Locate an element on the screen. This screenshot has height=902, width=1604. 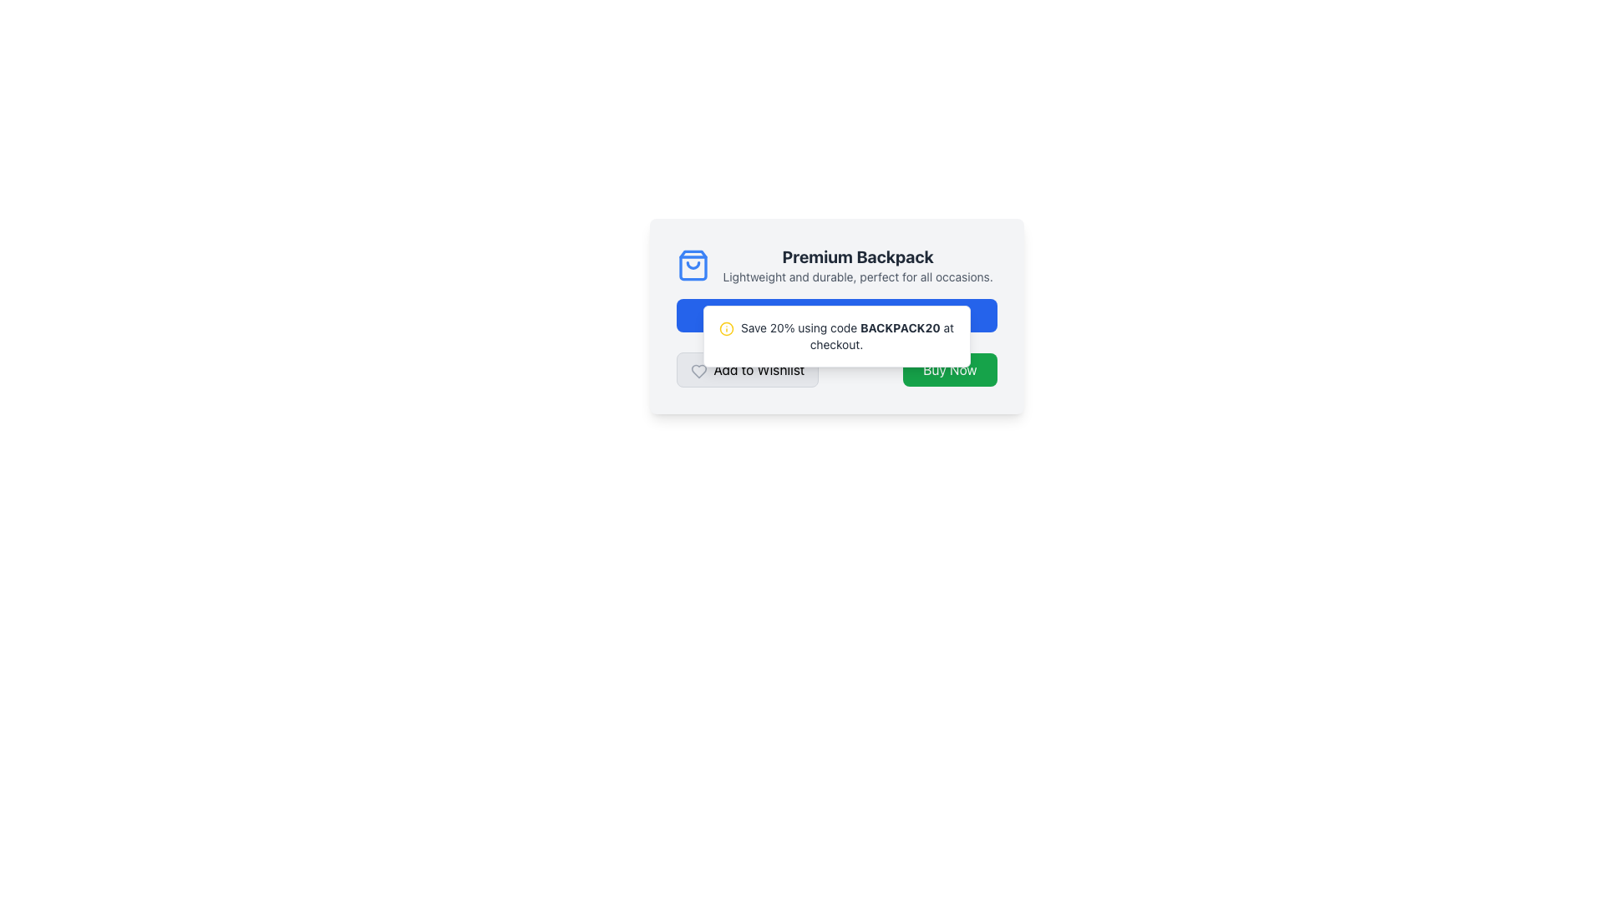
the 'Add to Wishlist' button, which is the first button in a horizontal row of action buttons, featuring a gray background and a heart icon is located at coordinates (746, 369).